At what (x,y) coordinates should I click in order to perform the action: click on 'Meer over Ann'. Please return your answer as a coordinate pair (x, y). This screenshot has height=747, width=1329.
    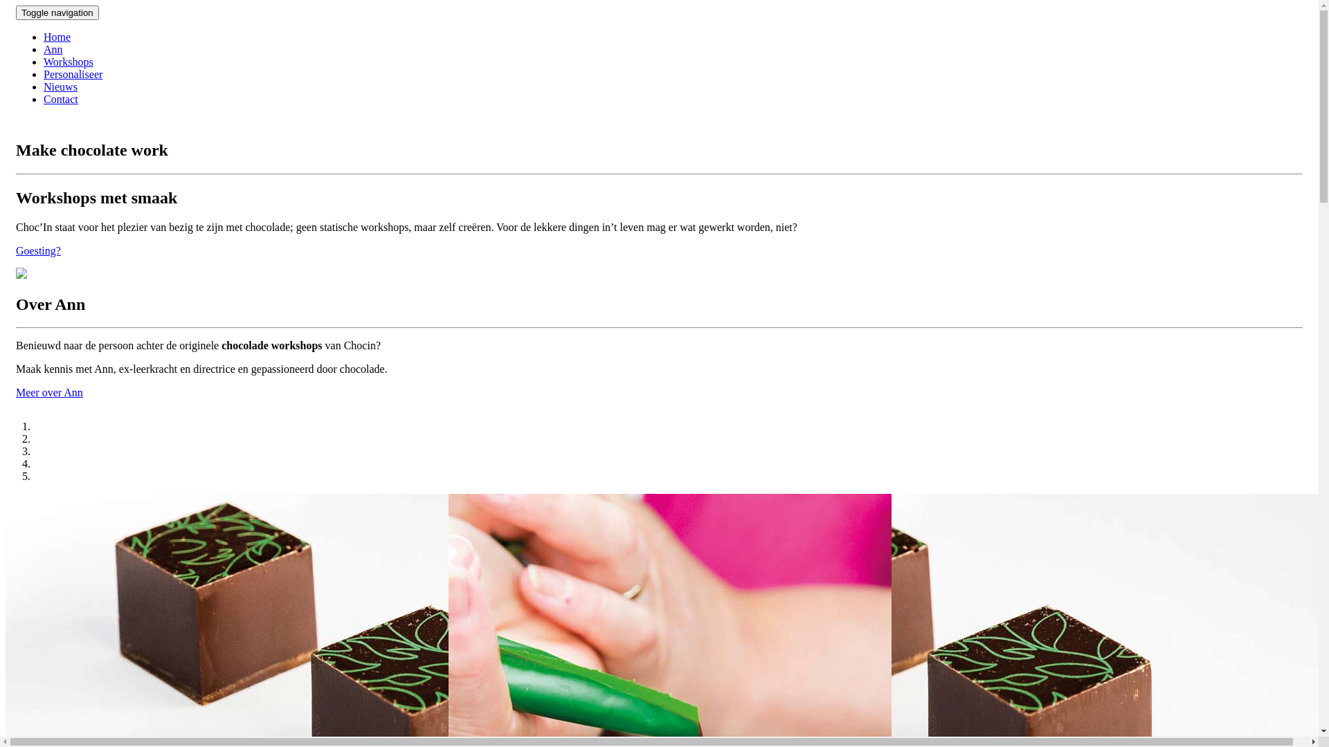
    Looking at the image, I should click on (49, 392).